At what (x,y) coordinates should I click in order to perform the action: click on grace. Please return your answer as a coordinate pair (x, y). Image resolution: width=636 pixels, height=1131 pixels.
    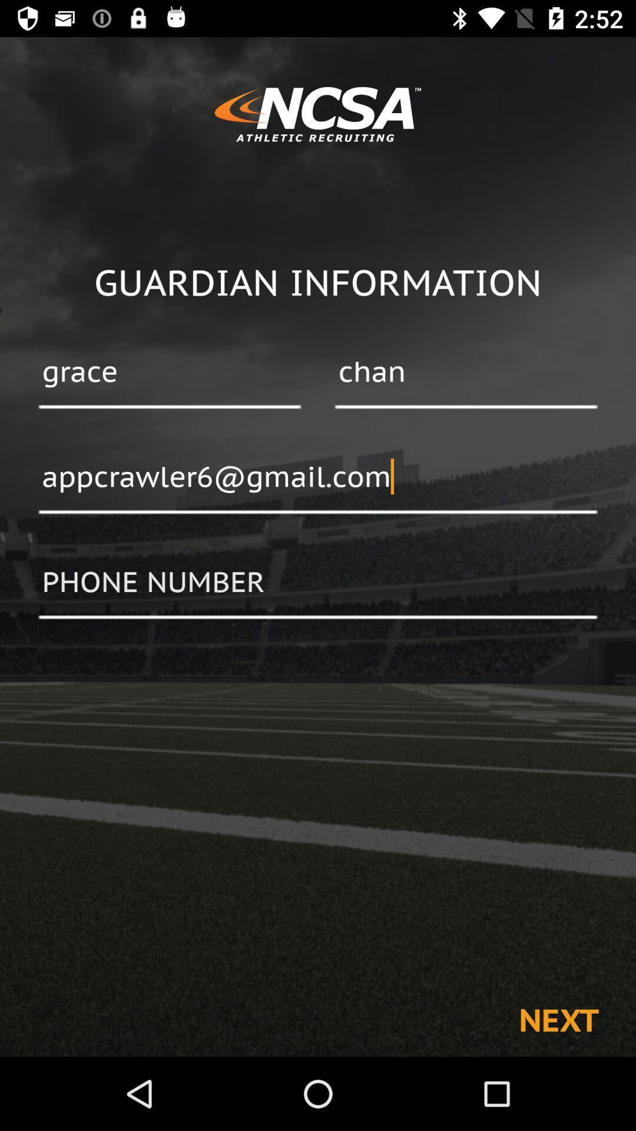
    Looking at the image, I should click on (170, 372).